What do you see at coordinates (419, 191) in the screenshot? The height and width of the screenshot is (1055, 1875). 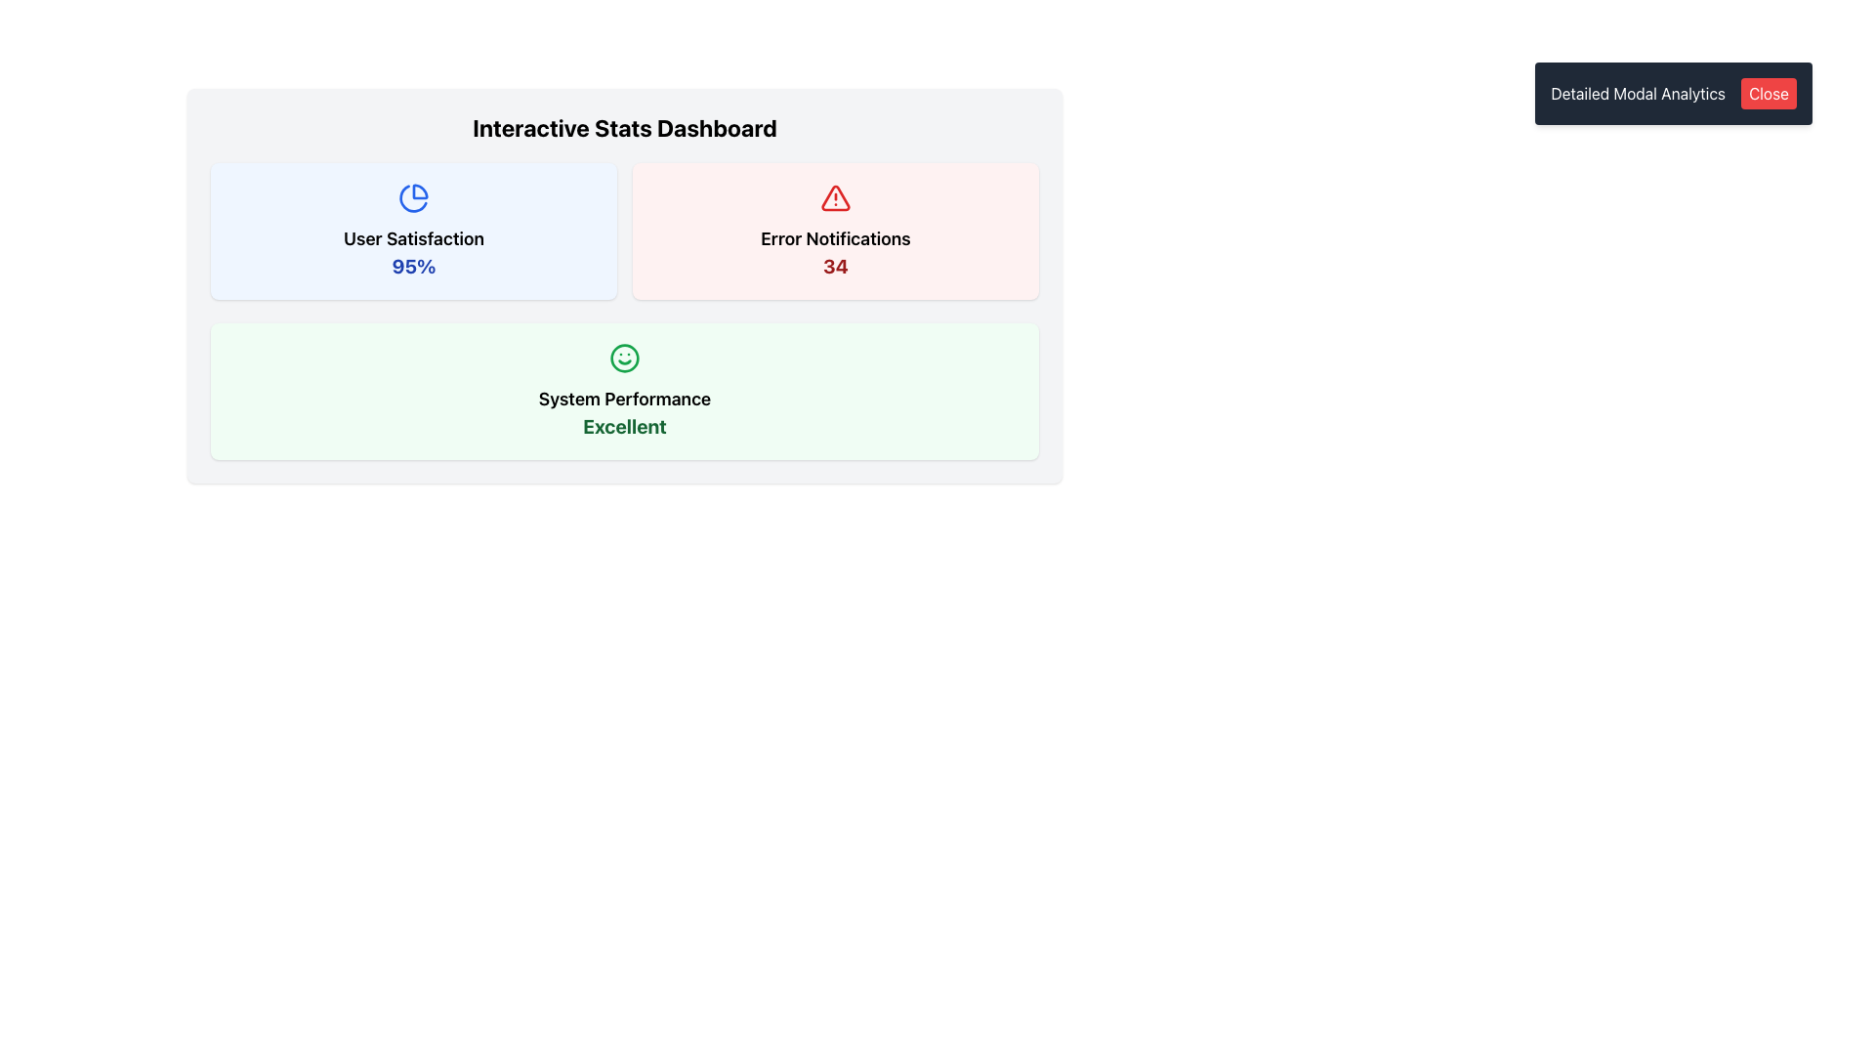 I see `the outer slice of the pie chart in the 'User Satisfaction' section, which is visually represented in blue and is part of an SVG rendering` at bounding box center [419, 191].